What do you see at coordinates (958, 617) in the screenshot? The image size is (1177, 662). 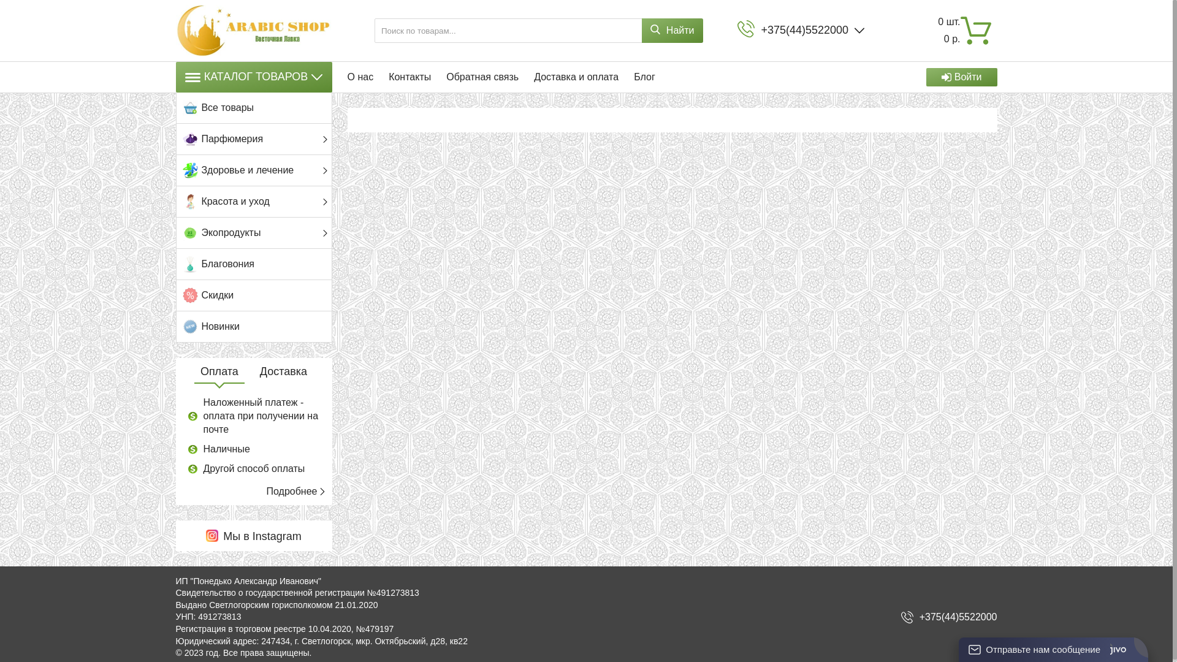 I see `'+375(44)5522000'` at bounding box center [958, 617].